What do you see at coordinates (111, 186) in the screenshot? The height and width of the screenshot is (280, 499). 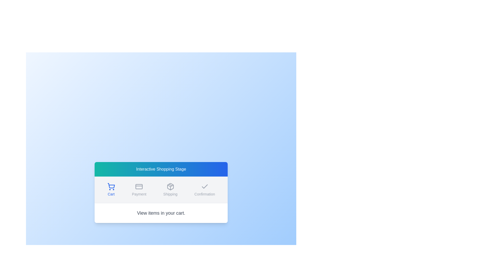 I see `the cart icon, which is a shopping cart with blue strokes located in the 'Cart' section above the text label 'Cart'` at bounding box center [111, 186].